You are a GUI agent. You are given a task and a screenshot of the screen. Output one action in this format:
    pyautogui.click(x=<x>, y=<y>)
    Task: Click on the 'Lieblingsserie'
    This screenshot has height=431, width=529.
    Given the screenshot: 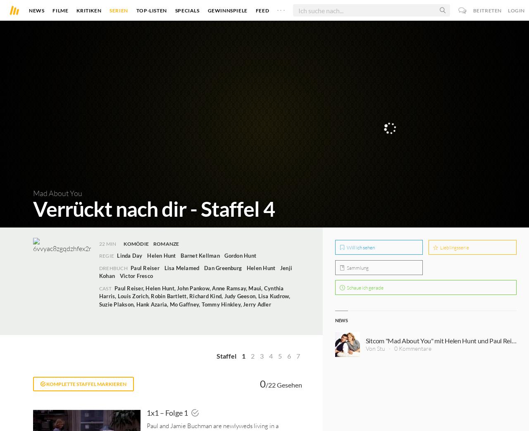 What is the action you would take?
    pyautogui.click(x=454, y=247)
    